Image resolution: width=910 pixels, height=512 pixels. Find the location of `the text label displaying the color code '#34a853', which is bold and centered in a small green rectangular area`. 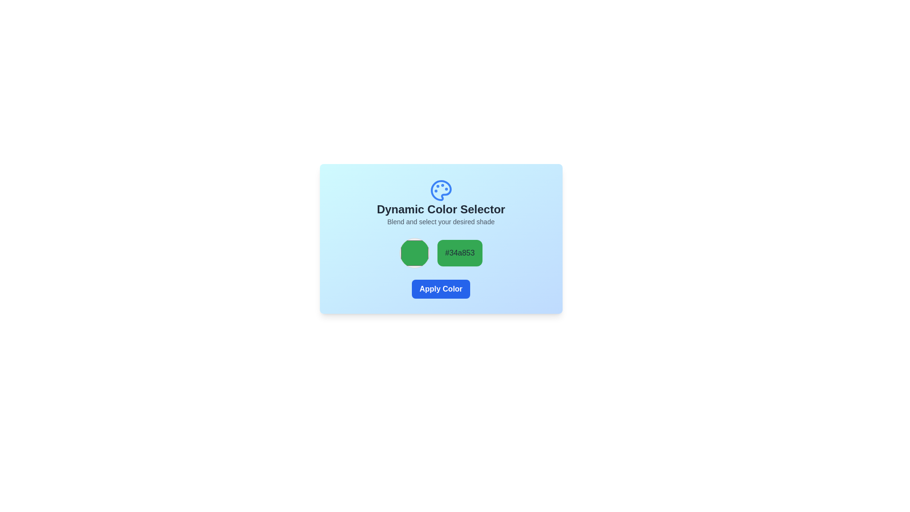

the text label displaying the color code '#34a853', which is bold and centered in a small green rectangular area is located at coordinates (460, 252).